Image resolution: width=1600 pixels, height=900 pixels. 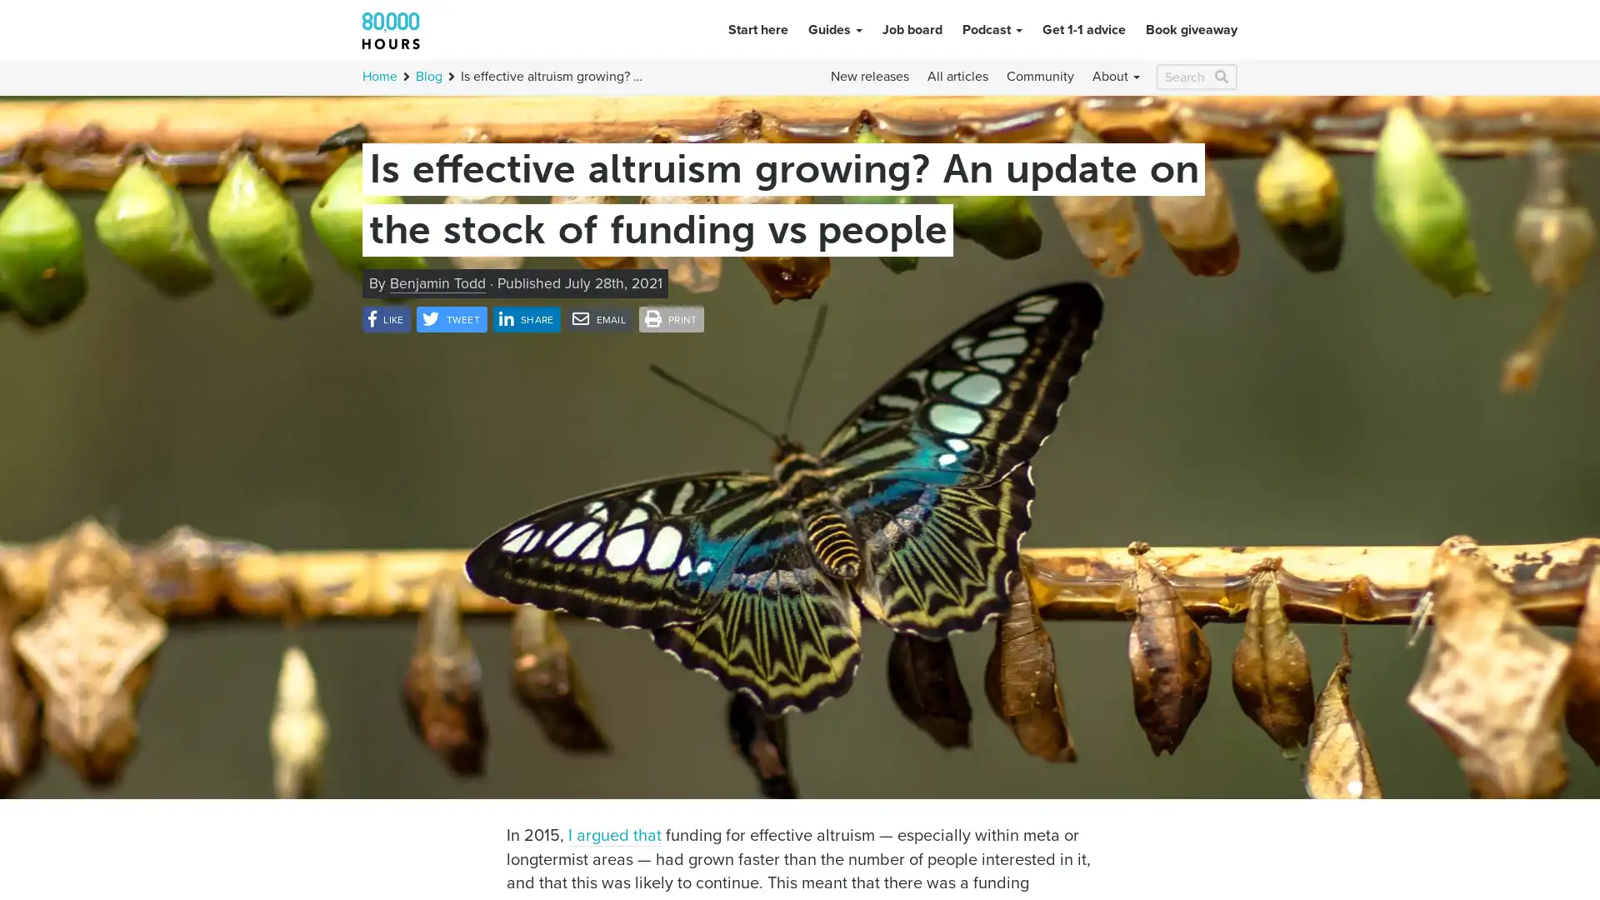 I want to click on Search, so click(x=1222, y=77).